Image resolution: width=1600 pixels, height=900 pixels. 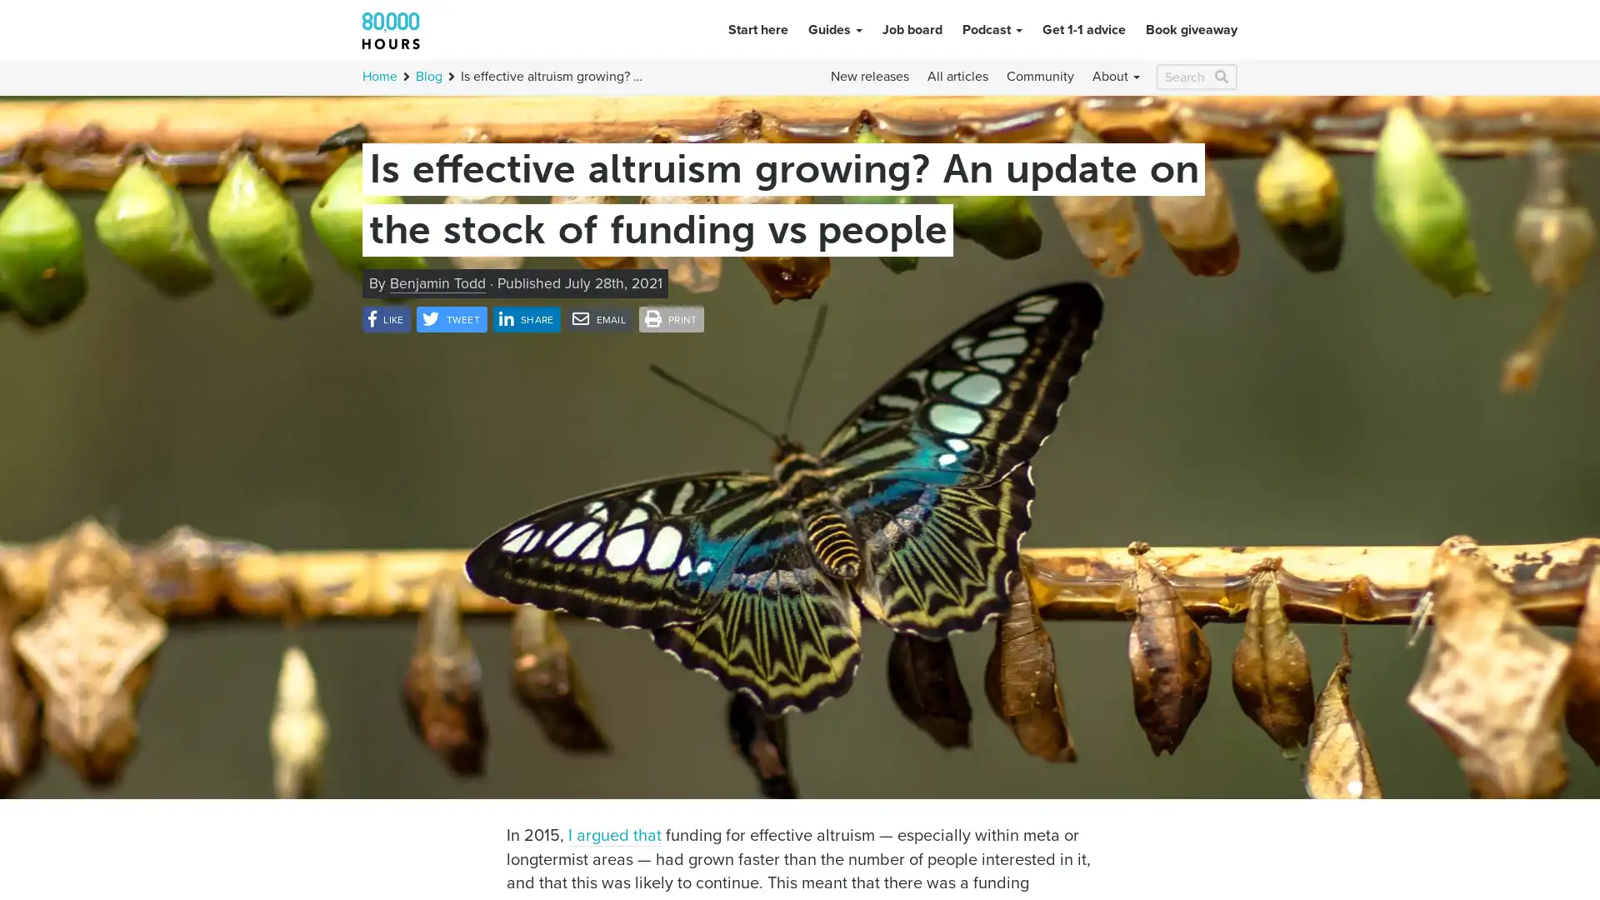 I want to click on Search, so click(x=1222, y=77).